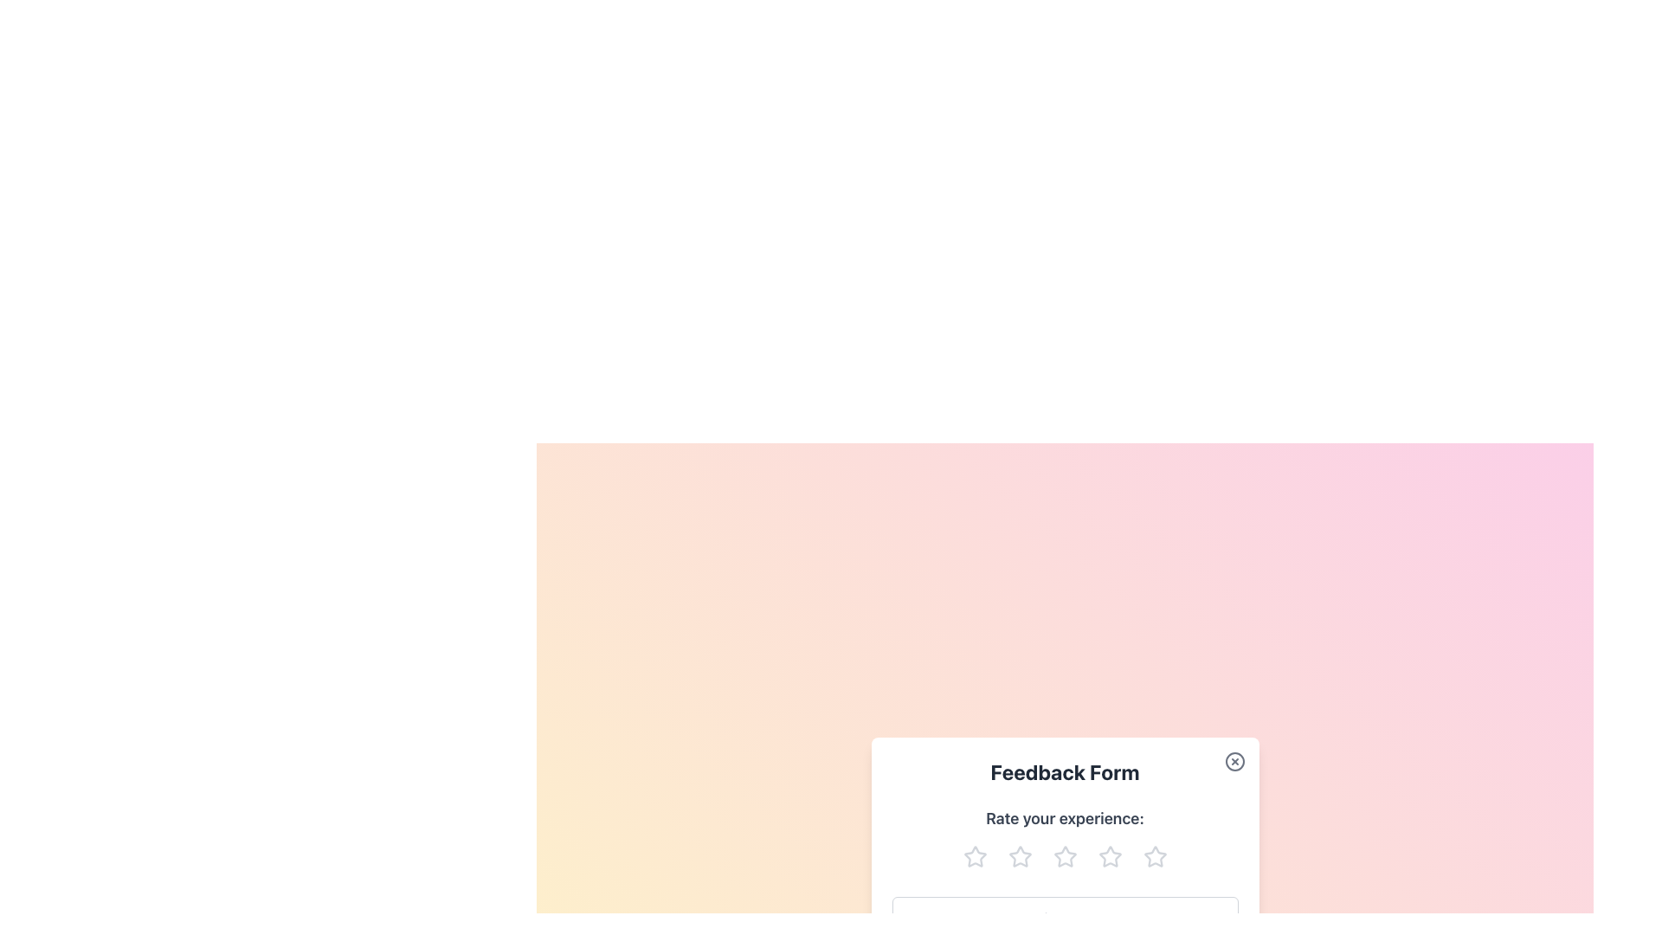  What do you see at coordinates (1020, 857) in the screenshot?
I see `the second star rating button located beneath the text 'Rate your experience:' in the feedback form section to provide a rating` at bounding box center [1020, 857].